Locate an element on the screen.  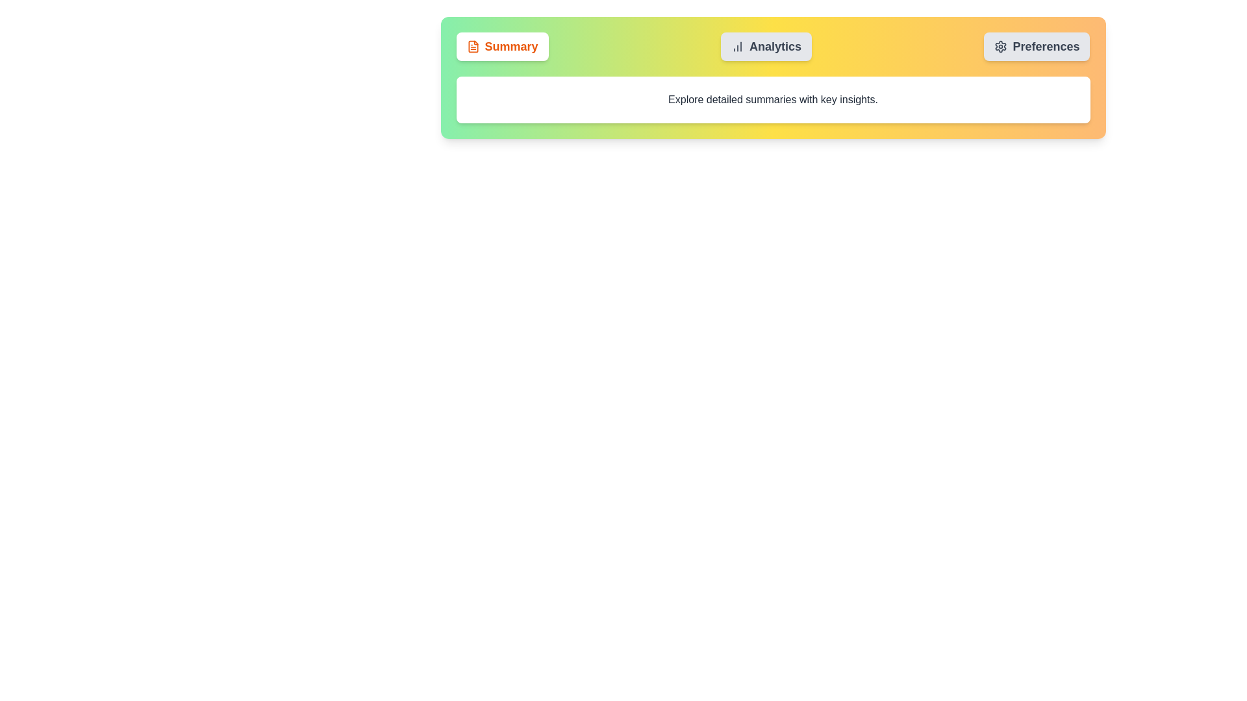
the 'Preferences' text inside the button with a light gray background is located at coordinates (1046, 46).